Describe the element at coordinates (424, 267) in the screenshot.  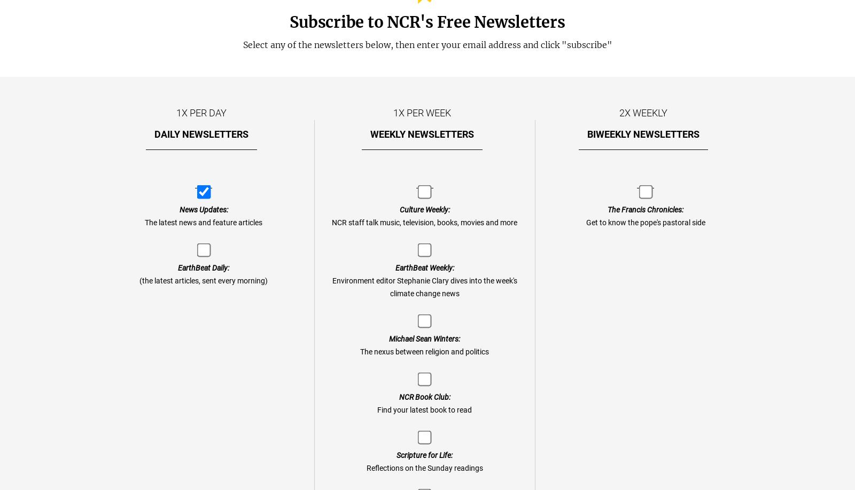
I see `'EarthBeat Weekly:'` at that location.